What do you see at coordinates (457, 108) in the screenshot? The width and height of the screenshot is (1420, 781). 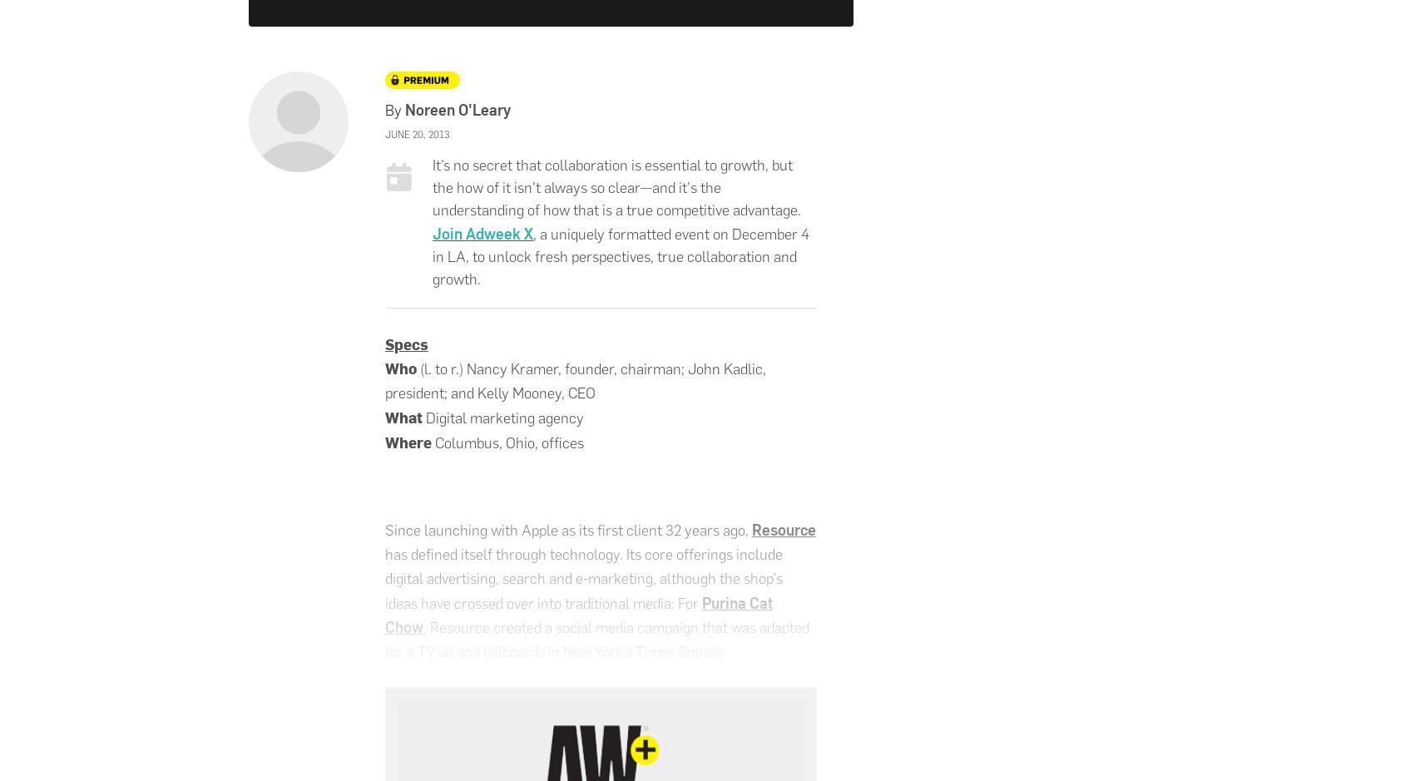 I see `'Noreen O'Leary'` at bounding box center [457, 108].